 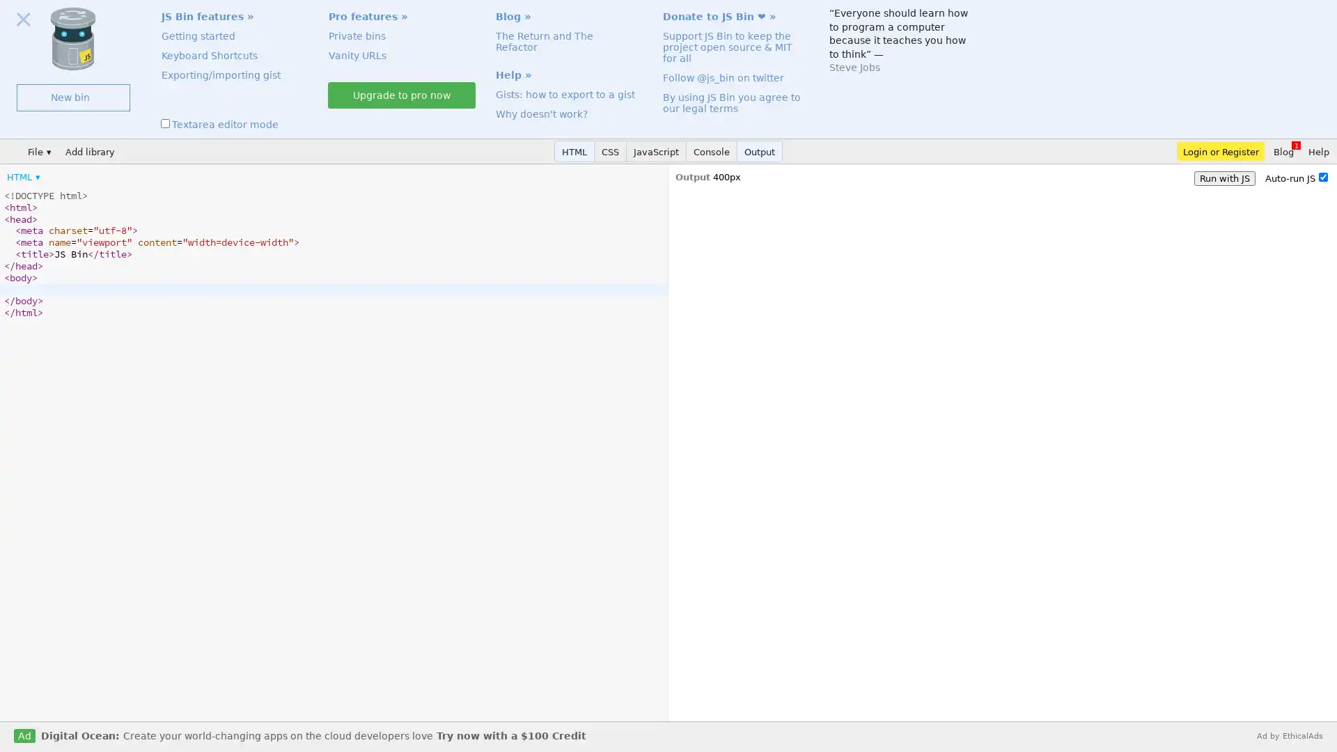 I want to click on Console Panel: Inactive, so click(x=712, y=151).